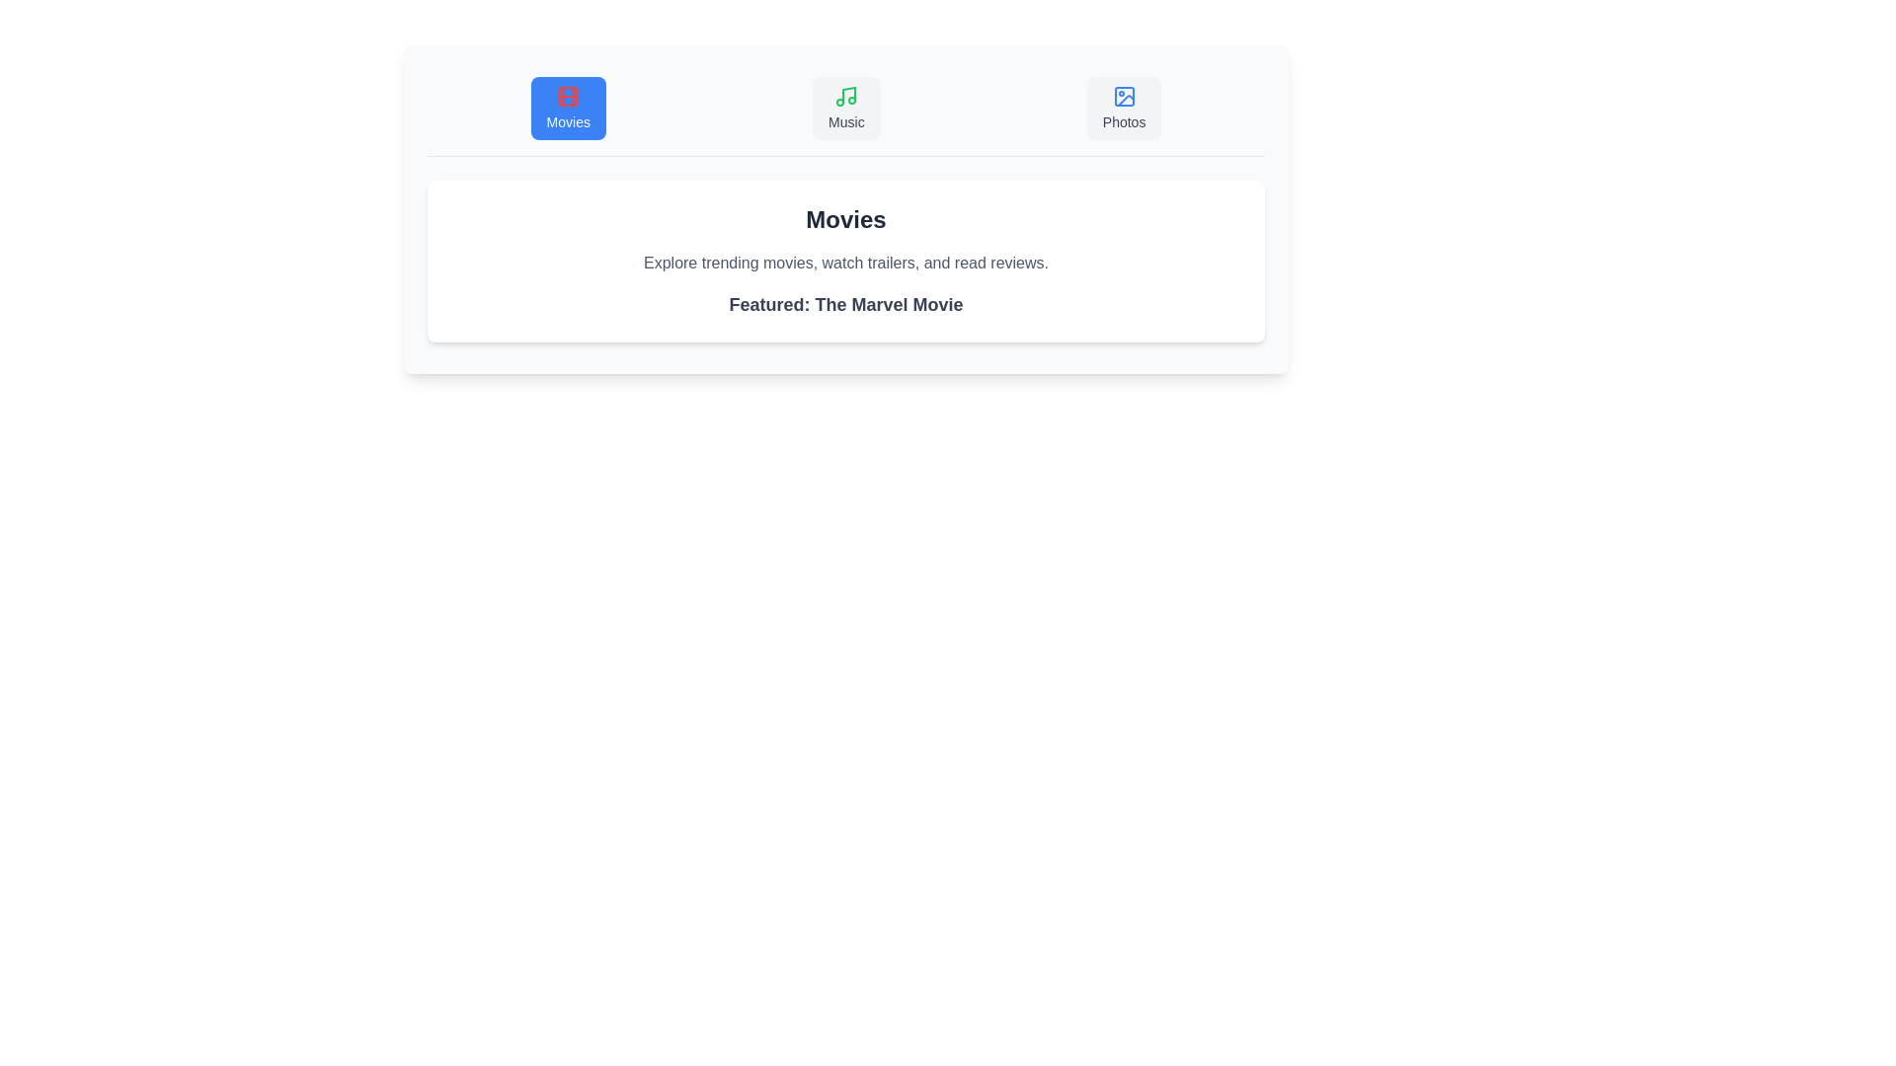 Image resolution: width=1896 pixels, height=1066 pixels. What do you see at coordinates (1124, 109) in the screenshot?
I see `the Photos tab by clicking on its button` at bounding box center [1124, 109].